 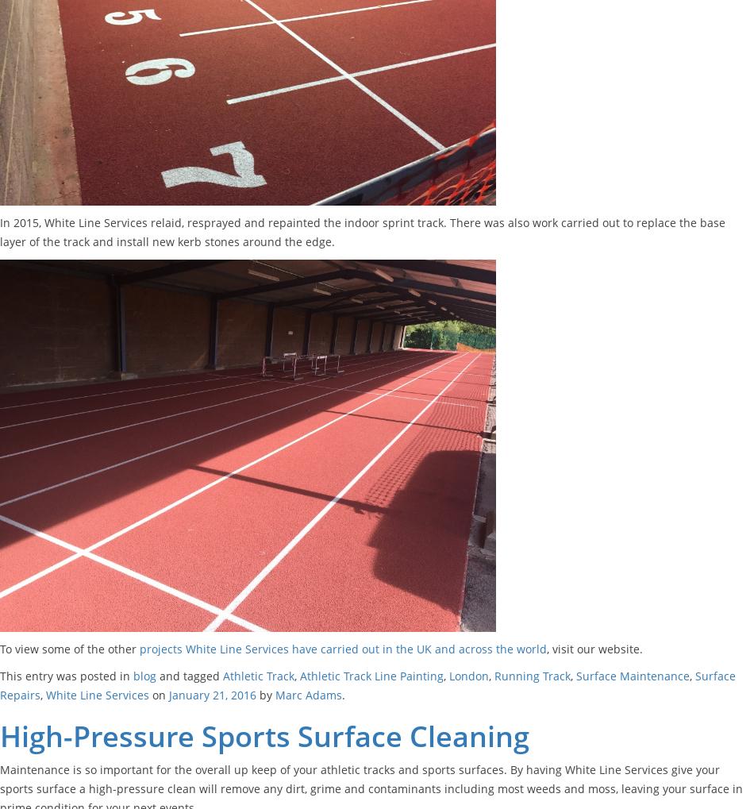 I want to click on 'London', so click(x=468, y=675).